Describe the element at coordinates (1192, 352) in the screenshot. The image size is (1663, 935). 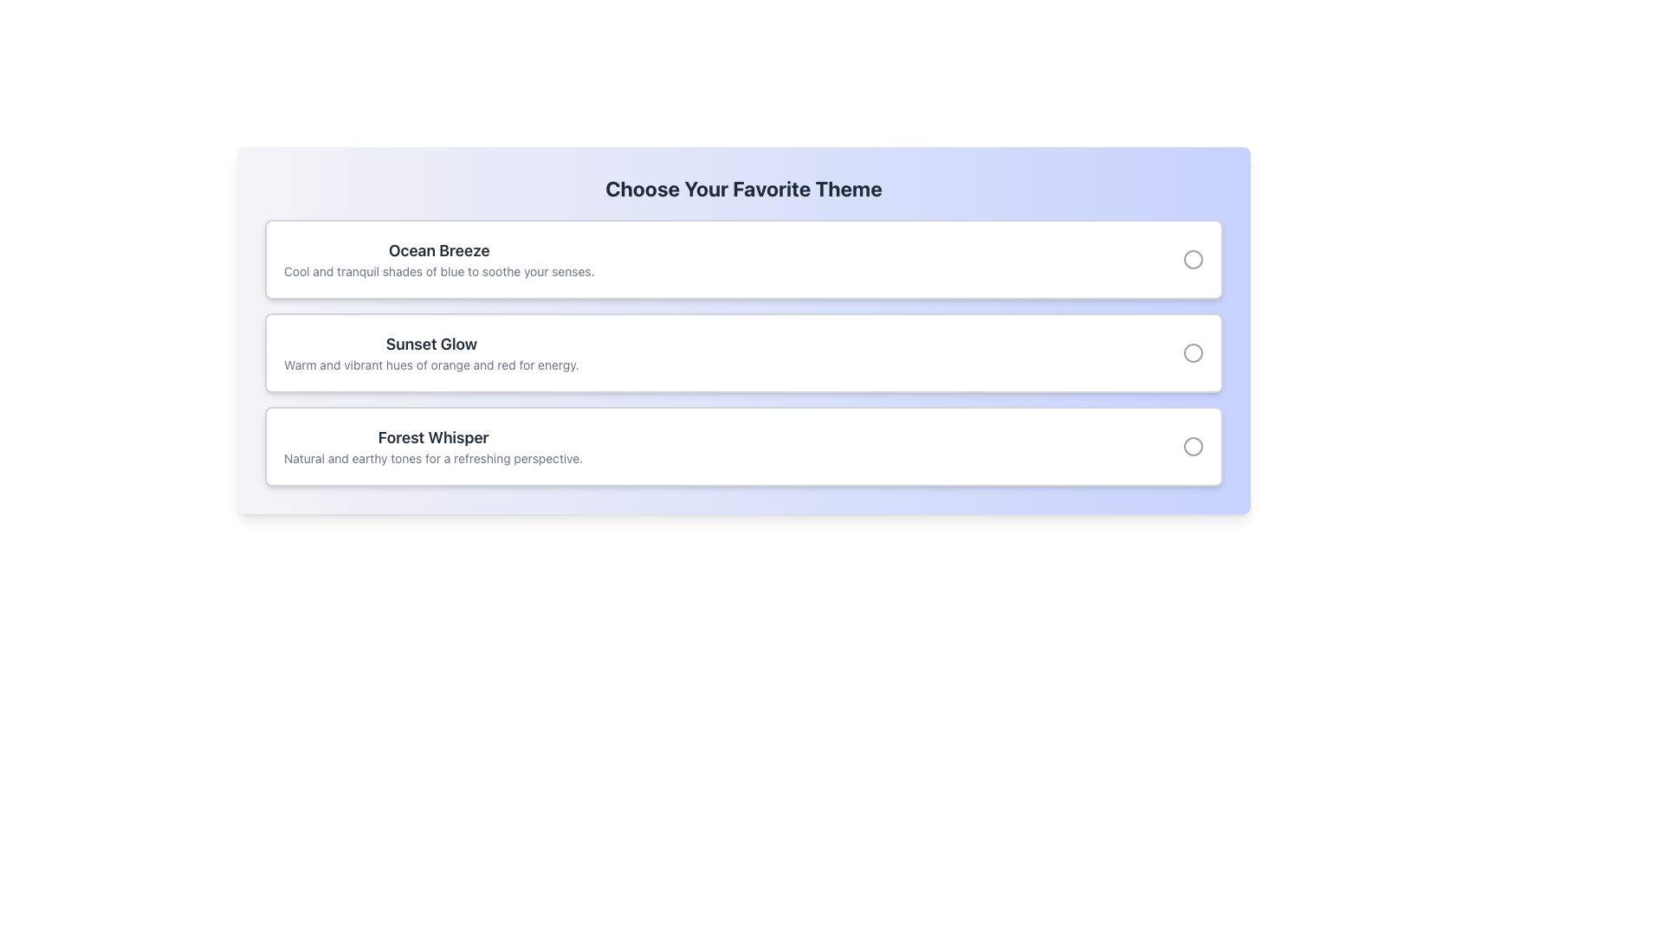
I see `the radio button positioned to the far right of the second option, adjacent to the 'Sunset Glow' title` at that location.